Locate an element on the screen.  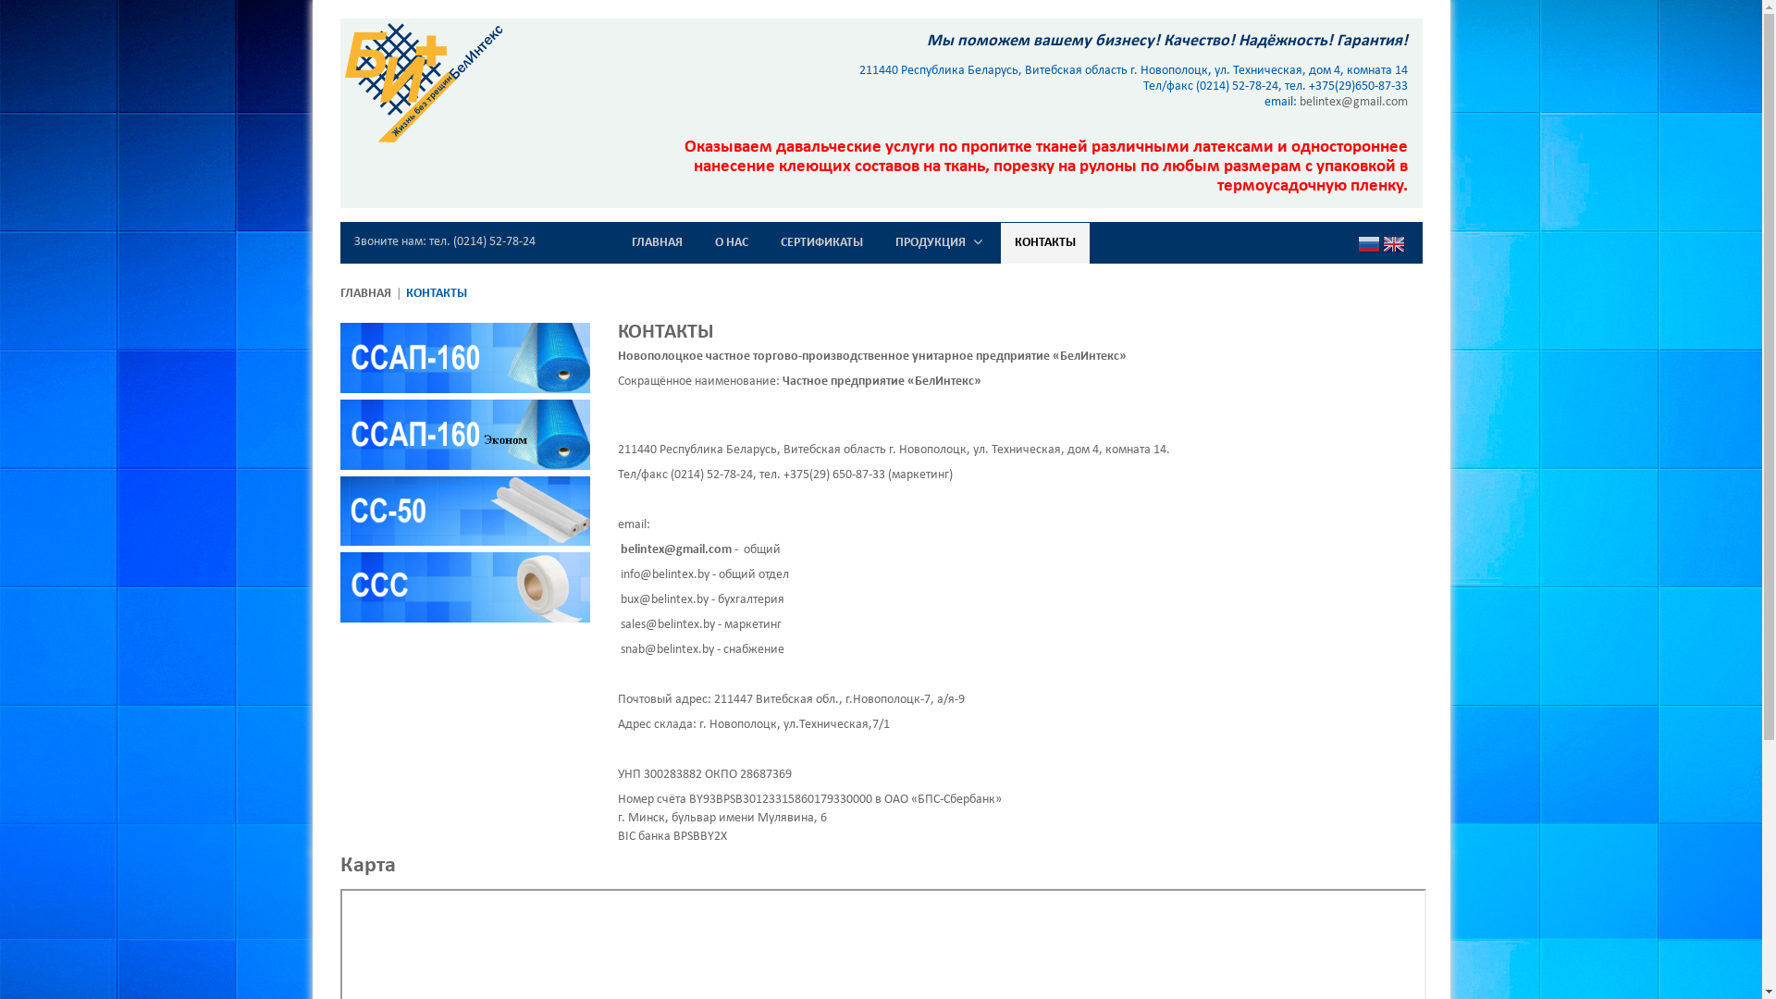
'info@belintex.by' is located at coordinates (620, 573).